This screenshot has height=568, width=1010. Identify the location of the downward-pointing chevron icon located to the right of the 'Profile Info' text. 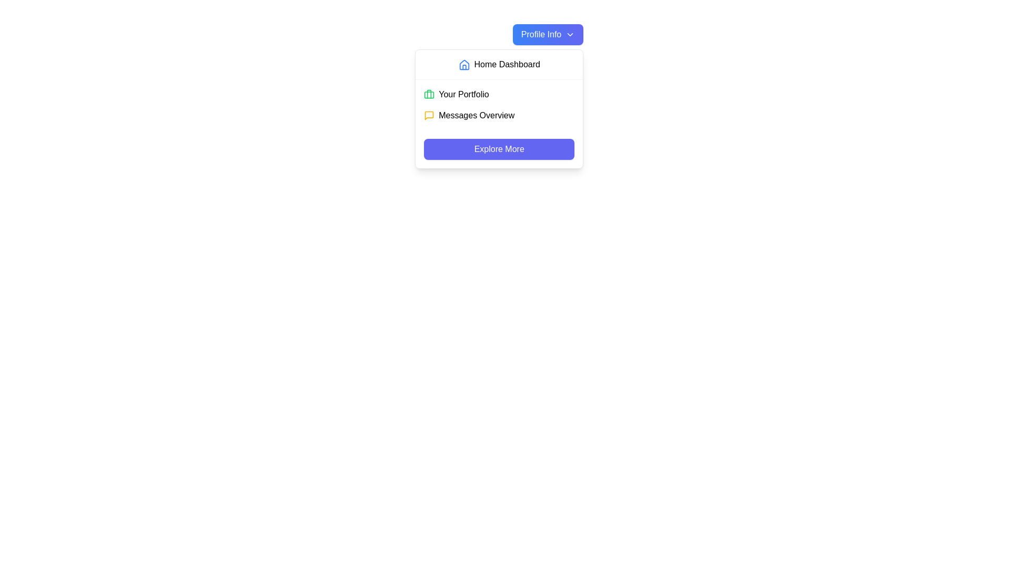
(570, 34).